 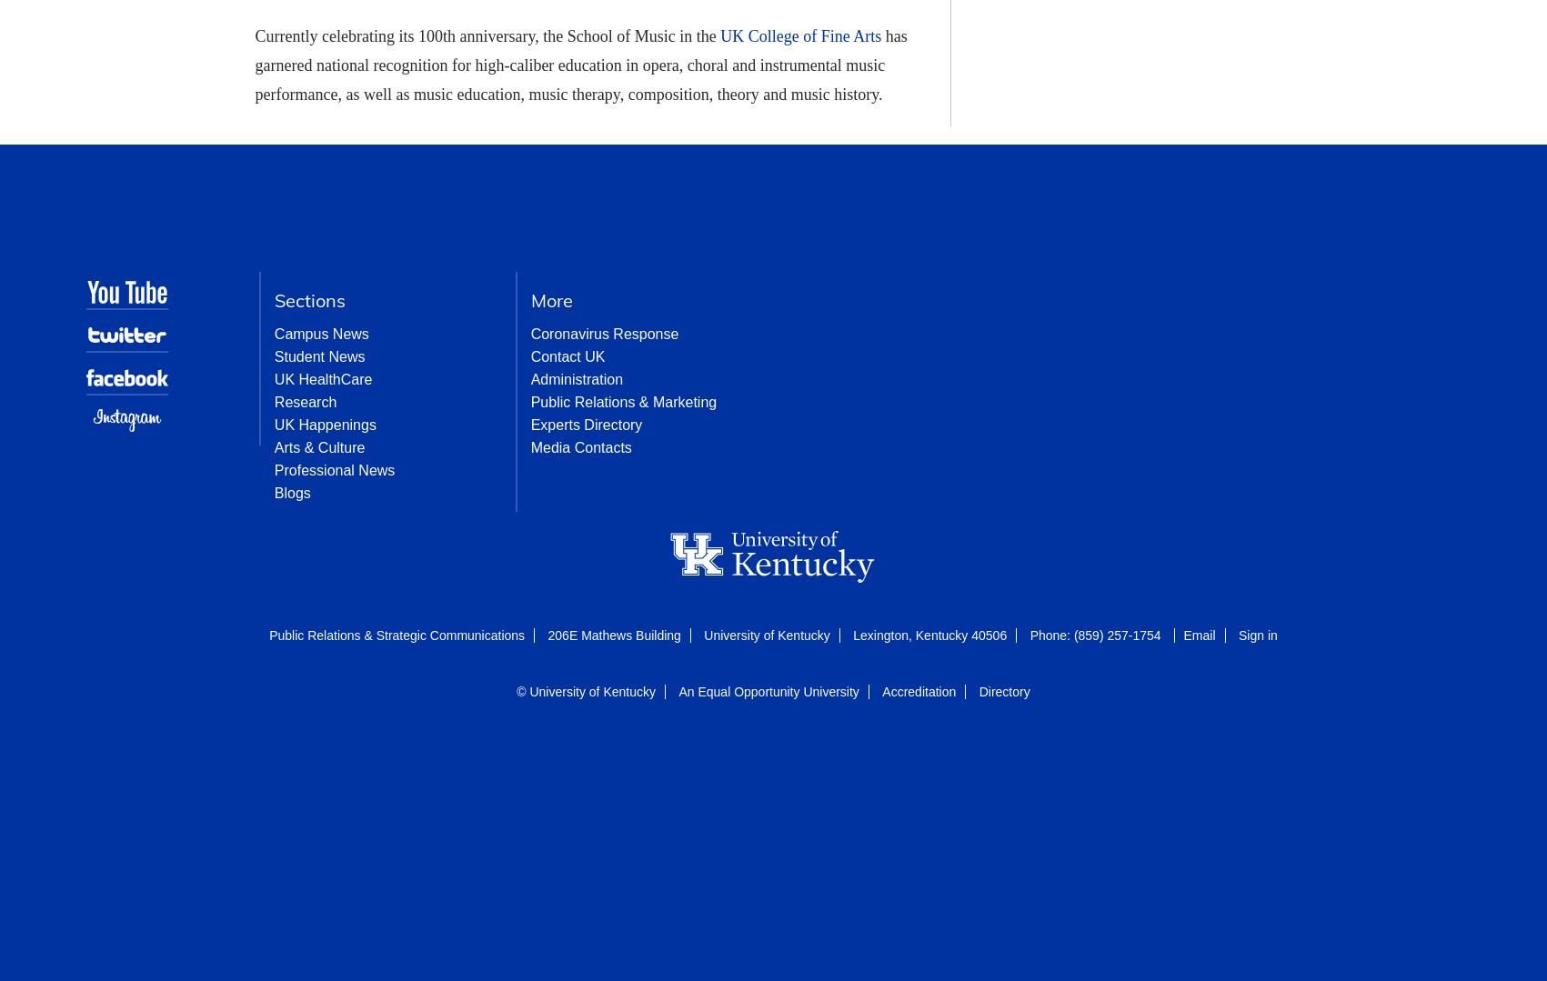 What do you see at coordinates (268, 635) in the screenshot?
I see `'Public Relations & Strategic Communications'` at bounding box center [268, 635].